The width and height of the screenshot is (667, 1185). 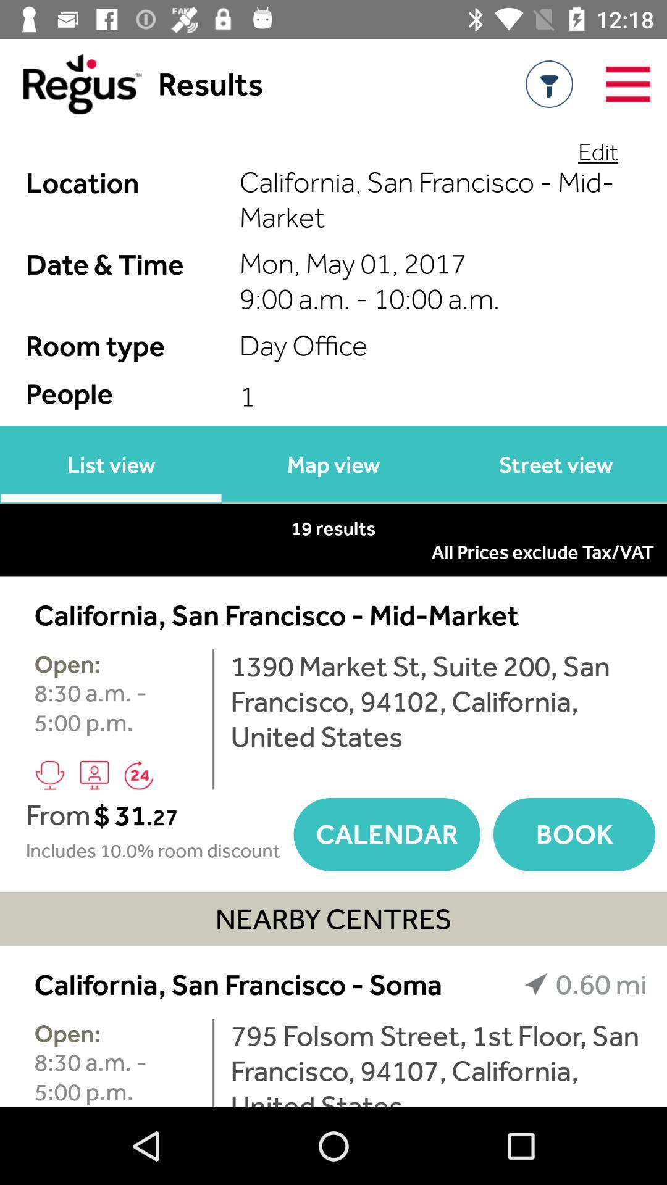 What do you see at coordinates (333, 551) in the screenshot?
I see `icon above california san francisco icon` at bounding box center [333, 551].